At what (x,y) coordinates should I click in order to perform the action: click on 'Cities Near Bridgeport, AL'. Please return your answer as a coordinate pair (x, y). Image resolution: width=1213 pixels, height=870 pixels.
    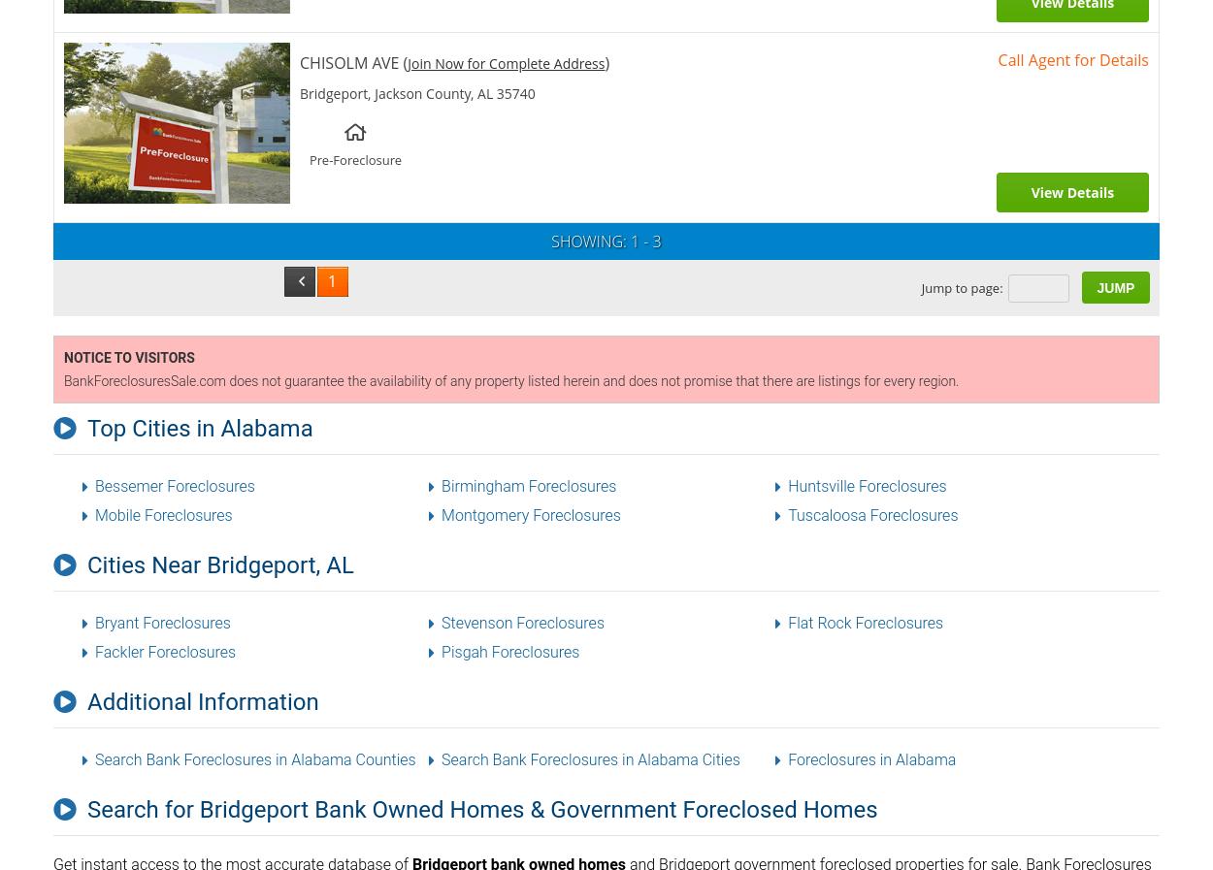
    Looking at the image, I should click on (219, 564).